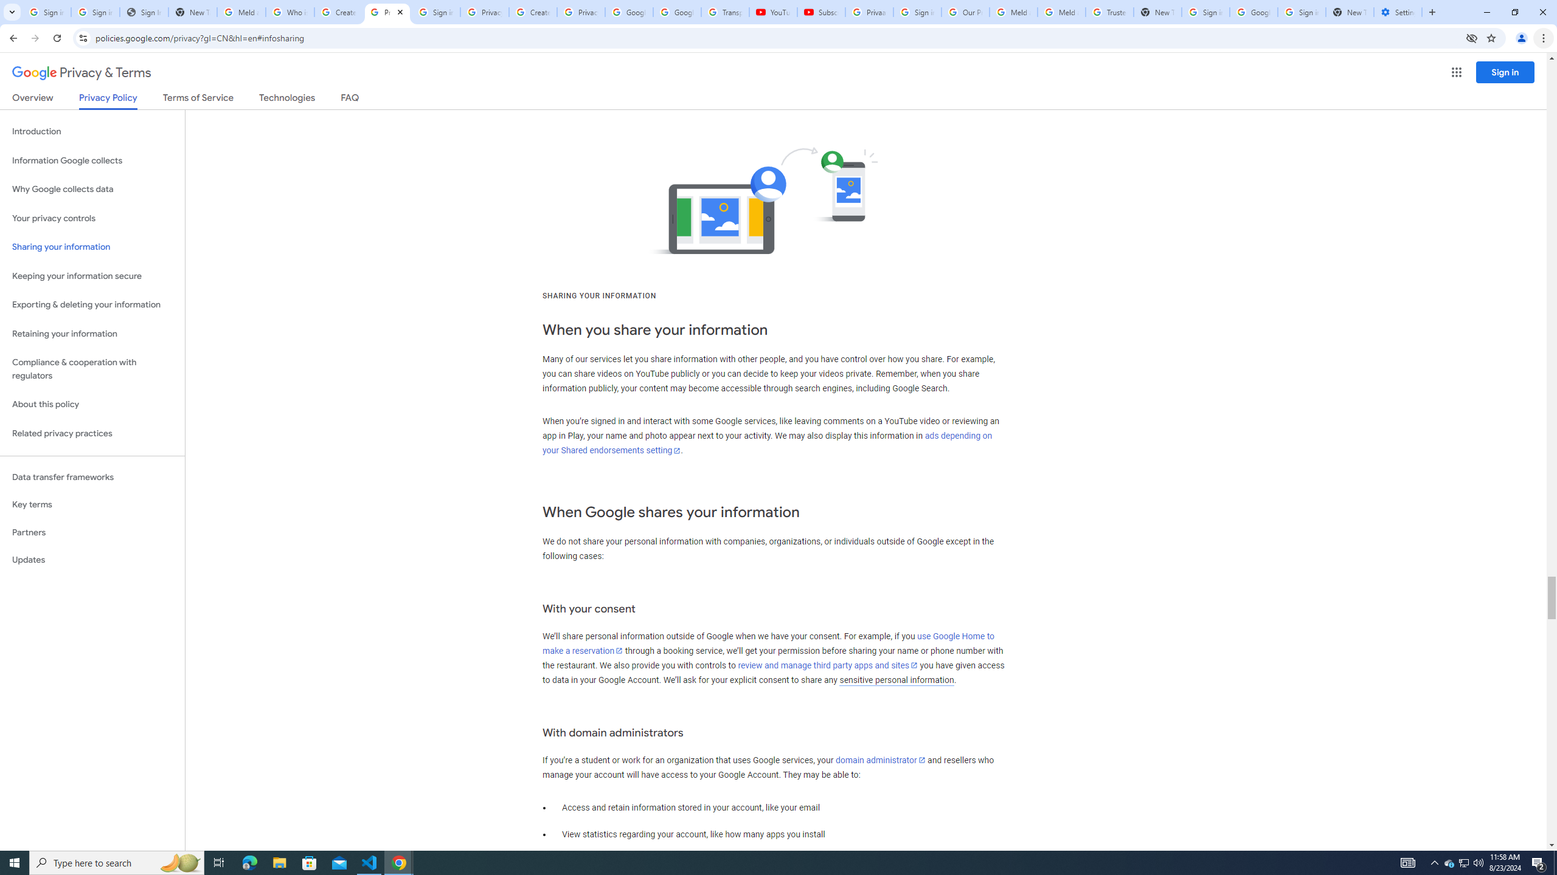 This screenshot has width=1557, height=875. What do you see at coordinates (144, 12) in the screenshot?
I see `'Sign In - USA TODAY'` at bounding box center [144, 12].